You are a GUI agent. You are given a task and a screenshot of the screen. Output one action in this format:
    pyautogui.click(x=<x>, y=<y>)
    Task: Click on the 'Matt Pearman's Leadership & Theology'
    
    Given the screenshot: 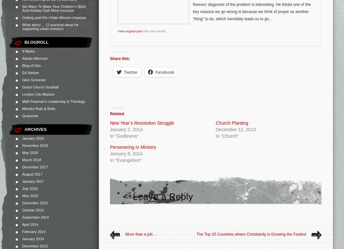 What is the action you would take?
    pyautogui.click(x=22, y=101)
    